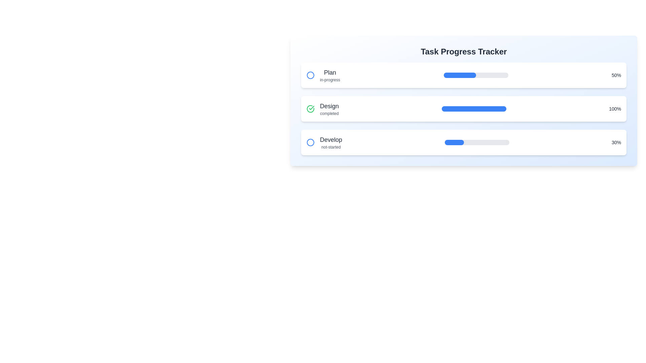 This screenshot has width=646, height=363. Describe the element at coordinates (329, 113) in the screenshot. I see `the small textual label reading 'completed', which is styled in light gray and located below the bold 'Design' text in the task progress tracker interface` at that location.